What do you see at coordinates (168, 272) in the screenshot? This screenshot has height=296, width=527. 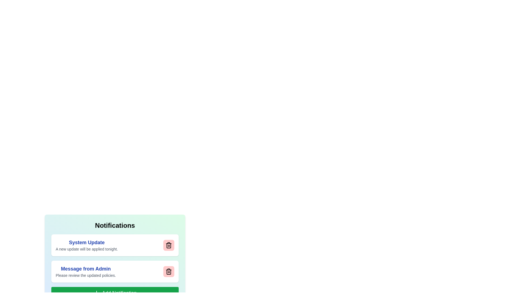 I see `delete button for the notification titled 'Message from Admin'` at bounding box center [168, 272].